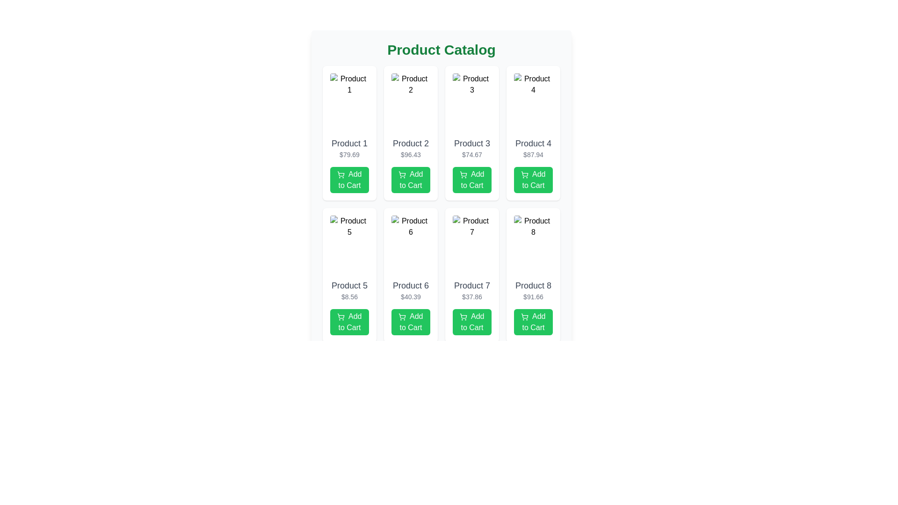 Image resolution: width=898 pixels, height=505 pixels. Describe the element at coordinates (349, 322) in the screenshot. I see `the green 'Add to Cart' button with rounded edges and a shopping cart icon, located in the fourth row under 'Product 5' priced at $8.56` at that location.